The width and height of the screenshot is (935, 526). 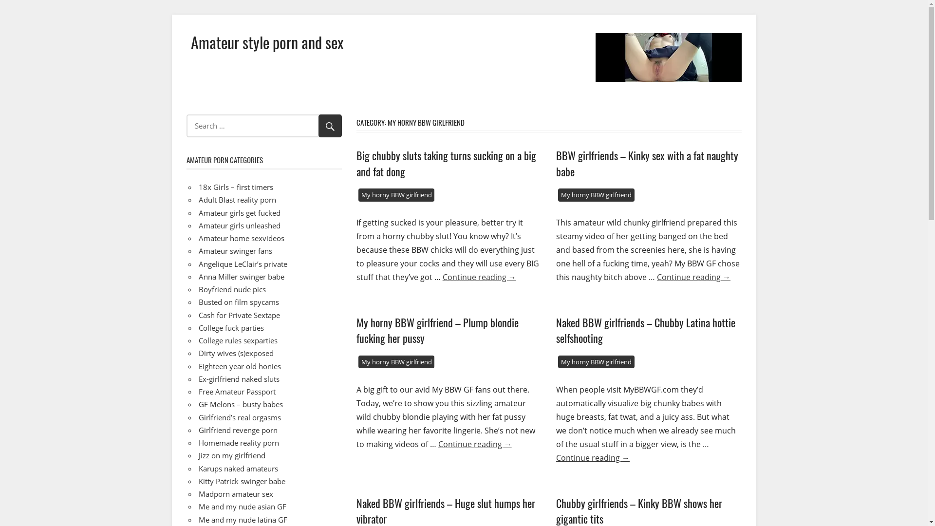 I want to click on 'Madporn amateur sex', so click(x=236, y=494).